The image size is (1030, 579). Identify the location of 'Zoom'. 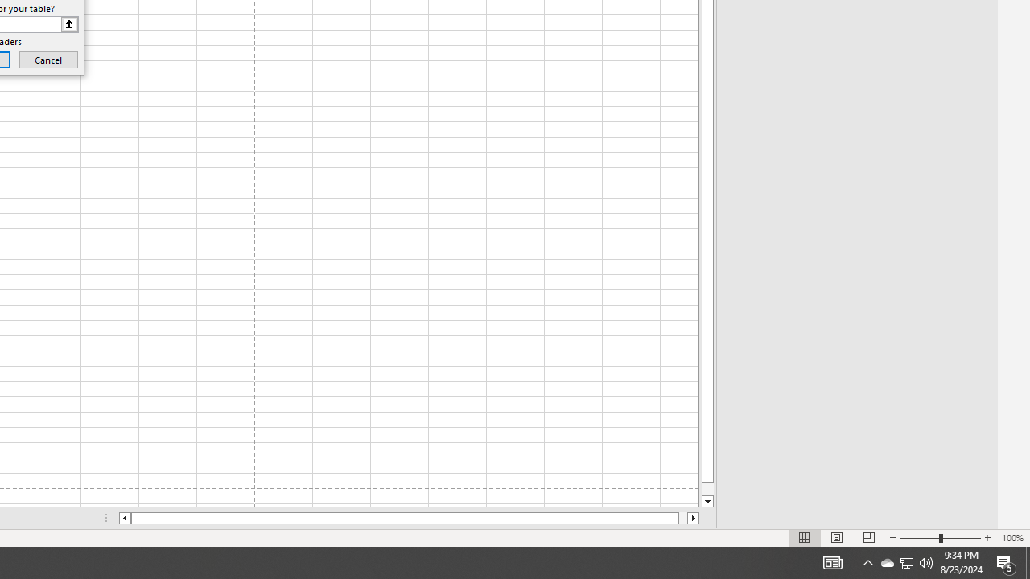
(940, 538).